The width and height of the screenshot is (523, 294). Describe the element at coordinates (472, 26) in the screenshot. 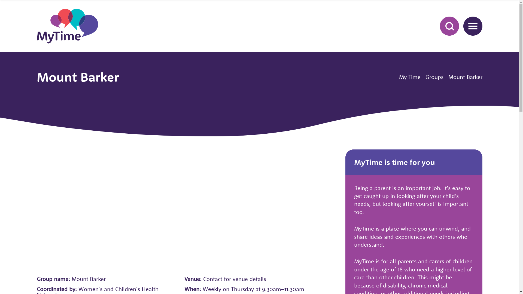

I see `'MENU'` at that location.